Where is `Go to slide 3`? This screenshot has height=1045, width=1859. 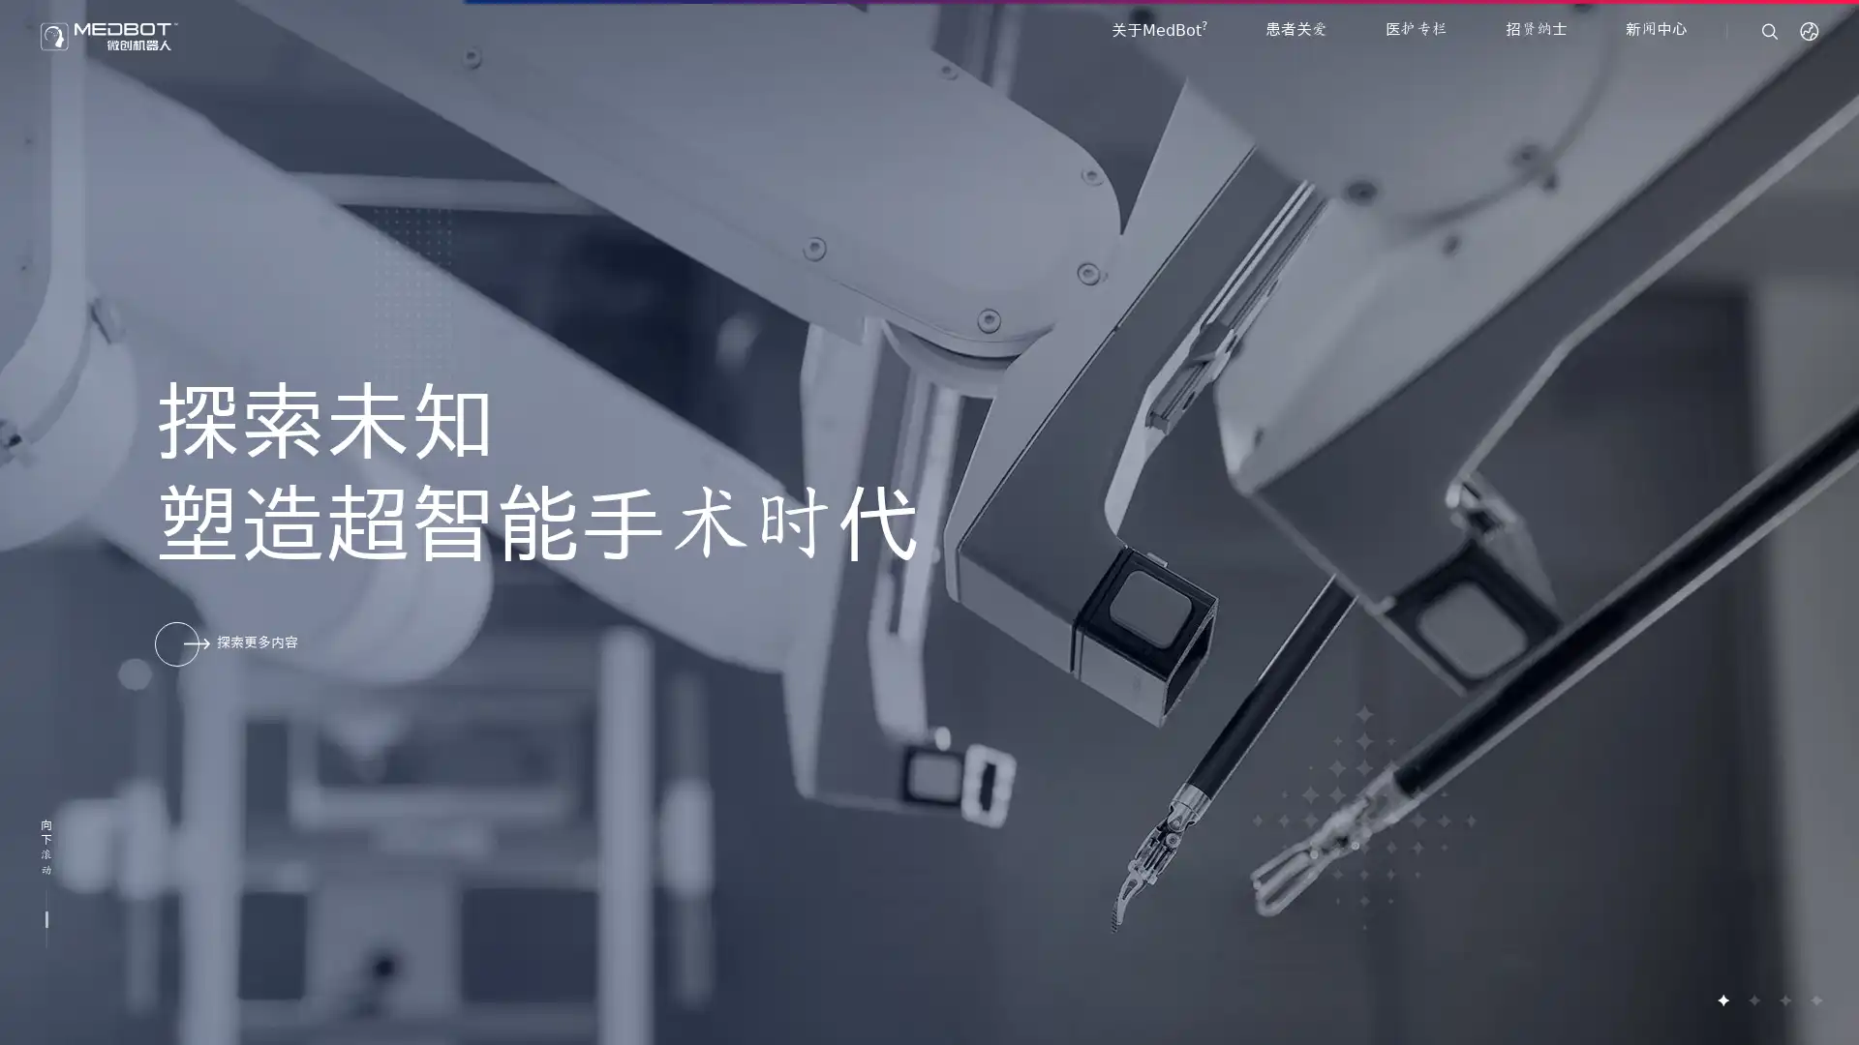
Go to slide 3 is located at coordinates (1783, 1000).